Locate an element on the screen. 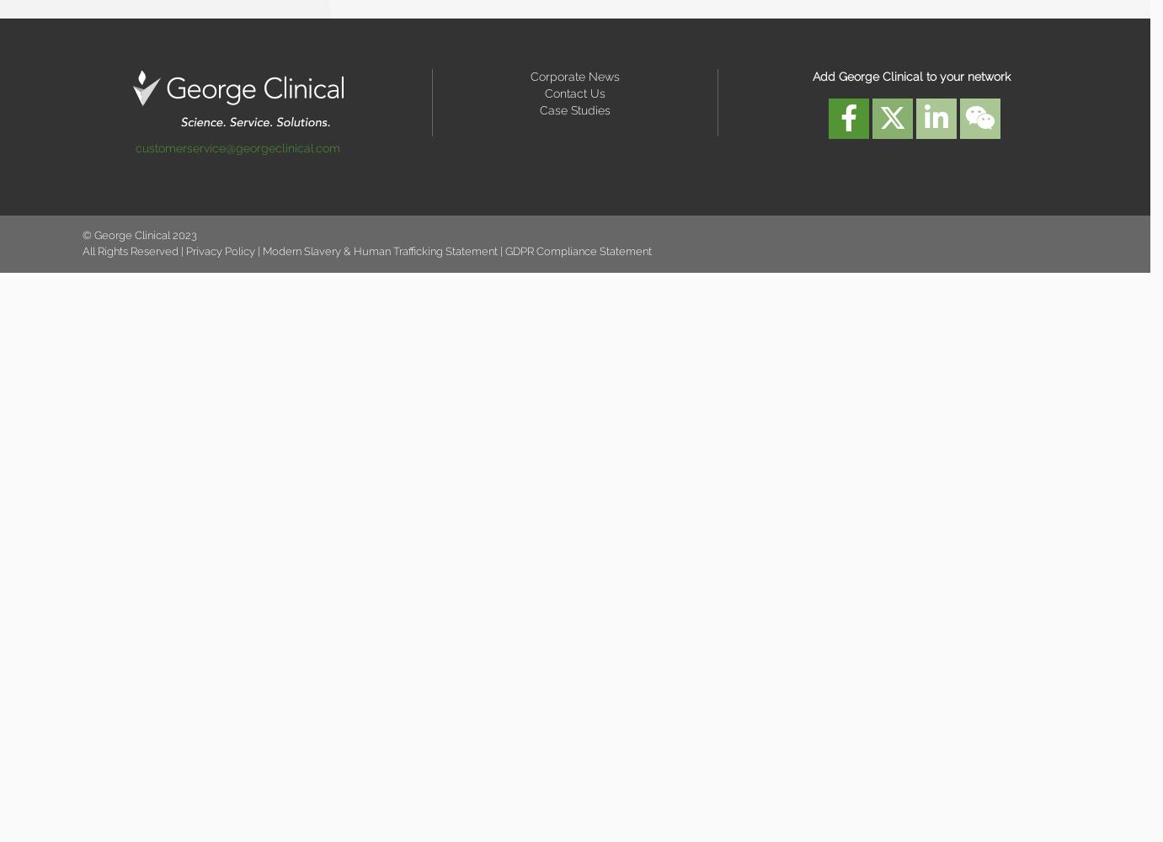 This screenshot has height=842, width=1163. 'Contact Us' is located at coordinates (573, 92).